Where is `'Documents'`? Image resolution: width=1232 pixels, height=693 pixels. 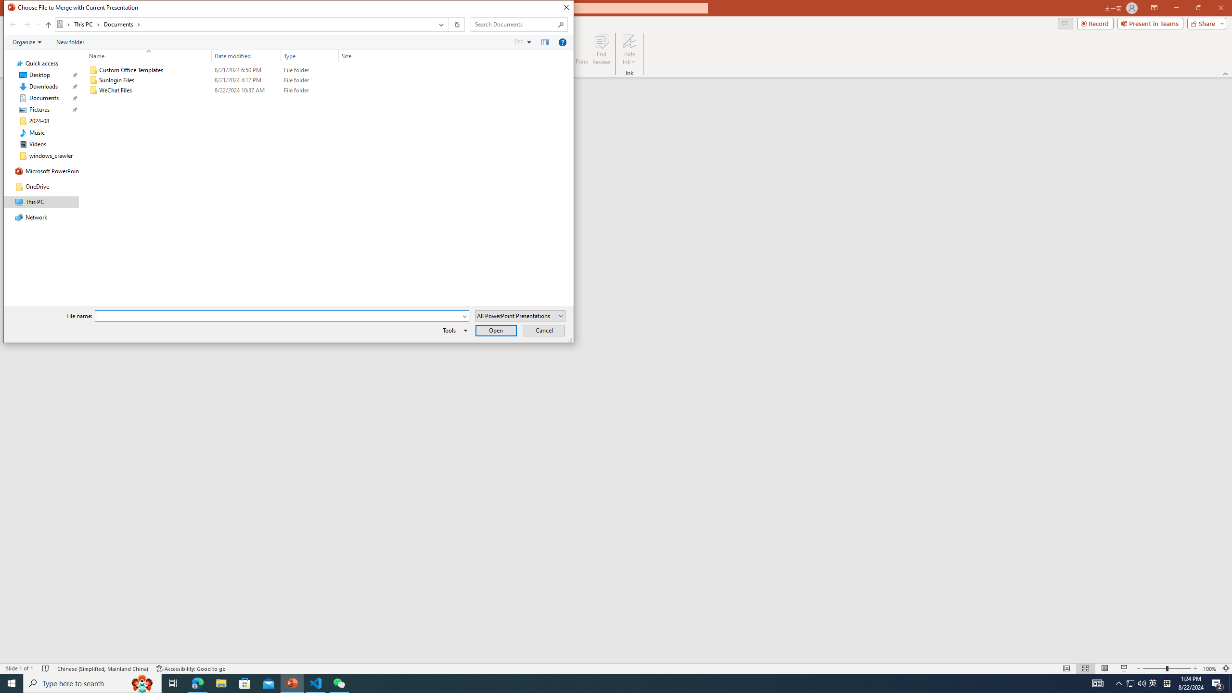
'Documents' is located at coordinates (122, 24).